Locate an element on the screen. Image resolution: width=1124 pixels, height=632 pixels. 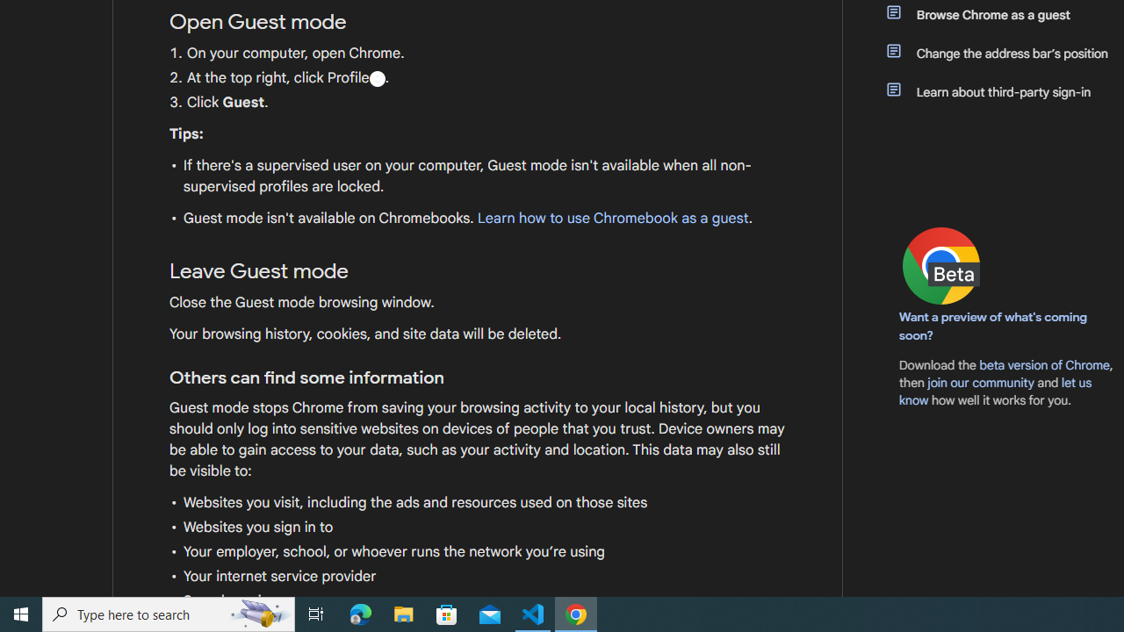
'Learn how to use Chromebook as a guest' is located at coordinates (612, 218).